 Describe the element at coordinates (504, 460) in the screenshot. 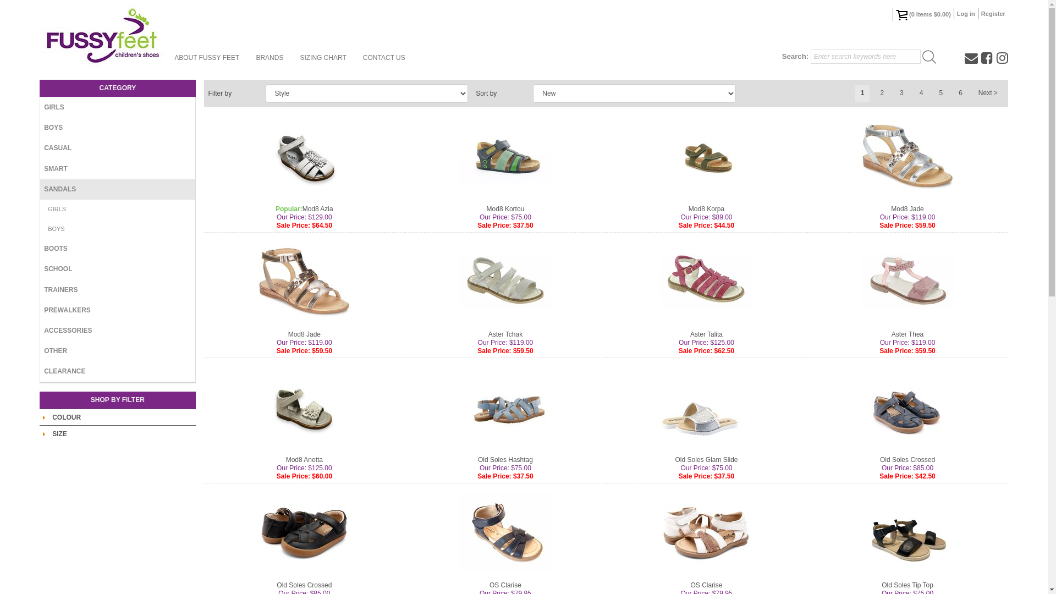

I see `'Old Soles Hashtag'` at that location.